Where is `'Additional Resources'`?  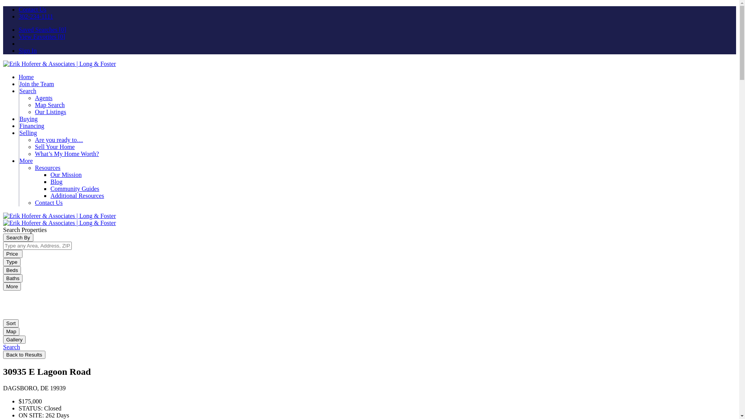
'Additional Resources' is located at coordinates (77, 195).